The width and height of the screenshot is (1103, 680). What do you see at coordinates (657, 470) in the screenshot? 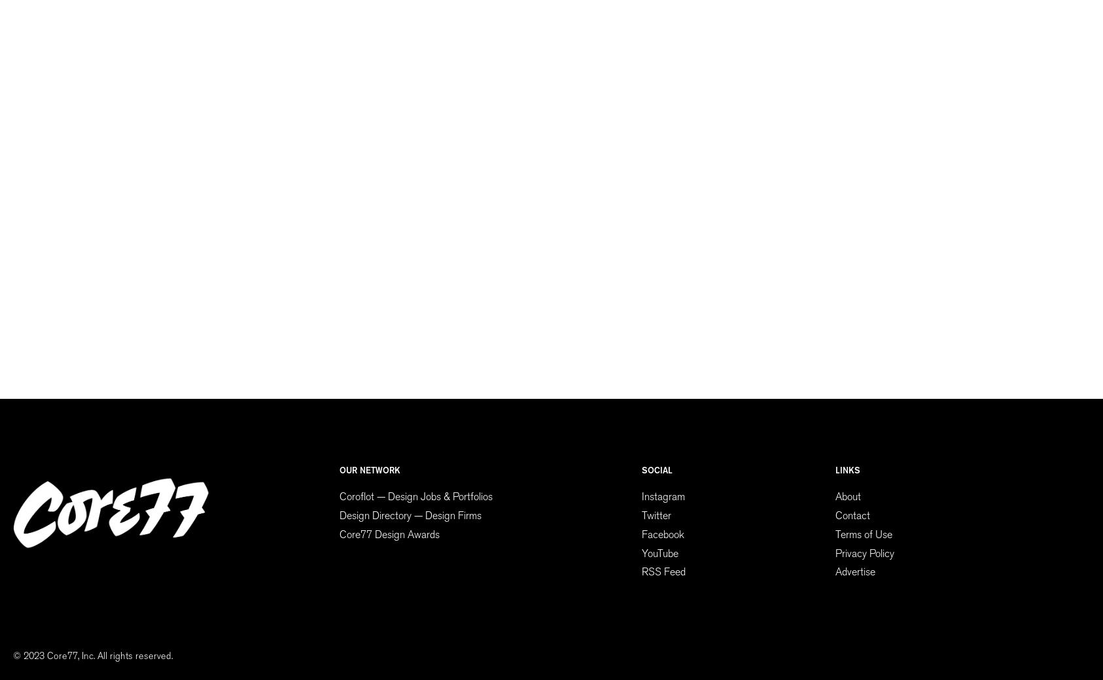
I see `'Social'` at bounding box center [657, 470].